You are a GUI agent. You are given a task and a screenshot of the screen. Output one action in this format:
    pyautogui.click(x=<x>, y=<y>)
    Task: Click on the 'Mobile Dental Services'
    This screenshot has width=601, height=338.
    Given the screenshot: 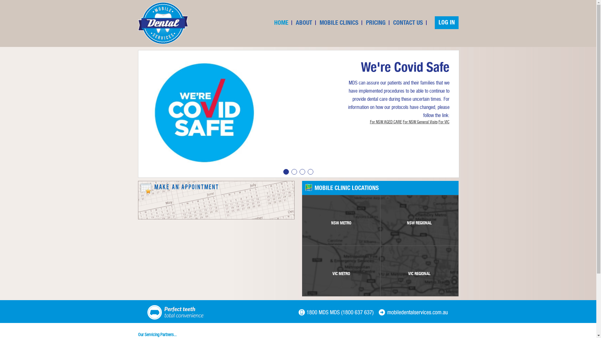 What is the action you would take?
    pyautogui.click(x=162, y=23)
    